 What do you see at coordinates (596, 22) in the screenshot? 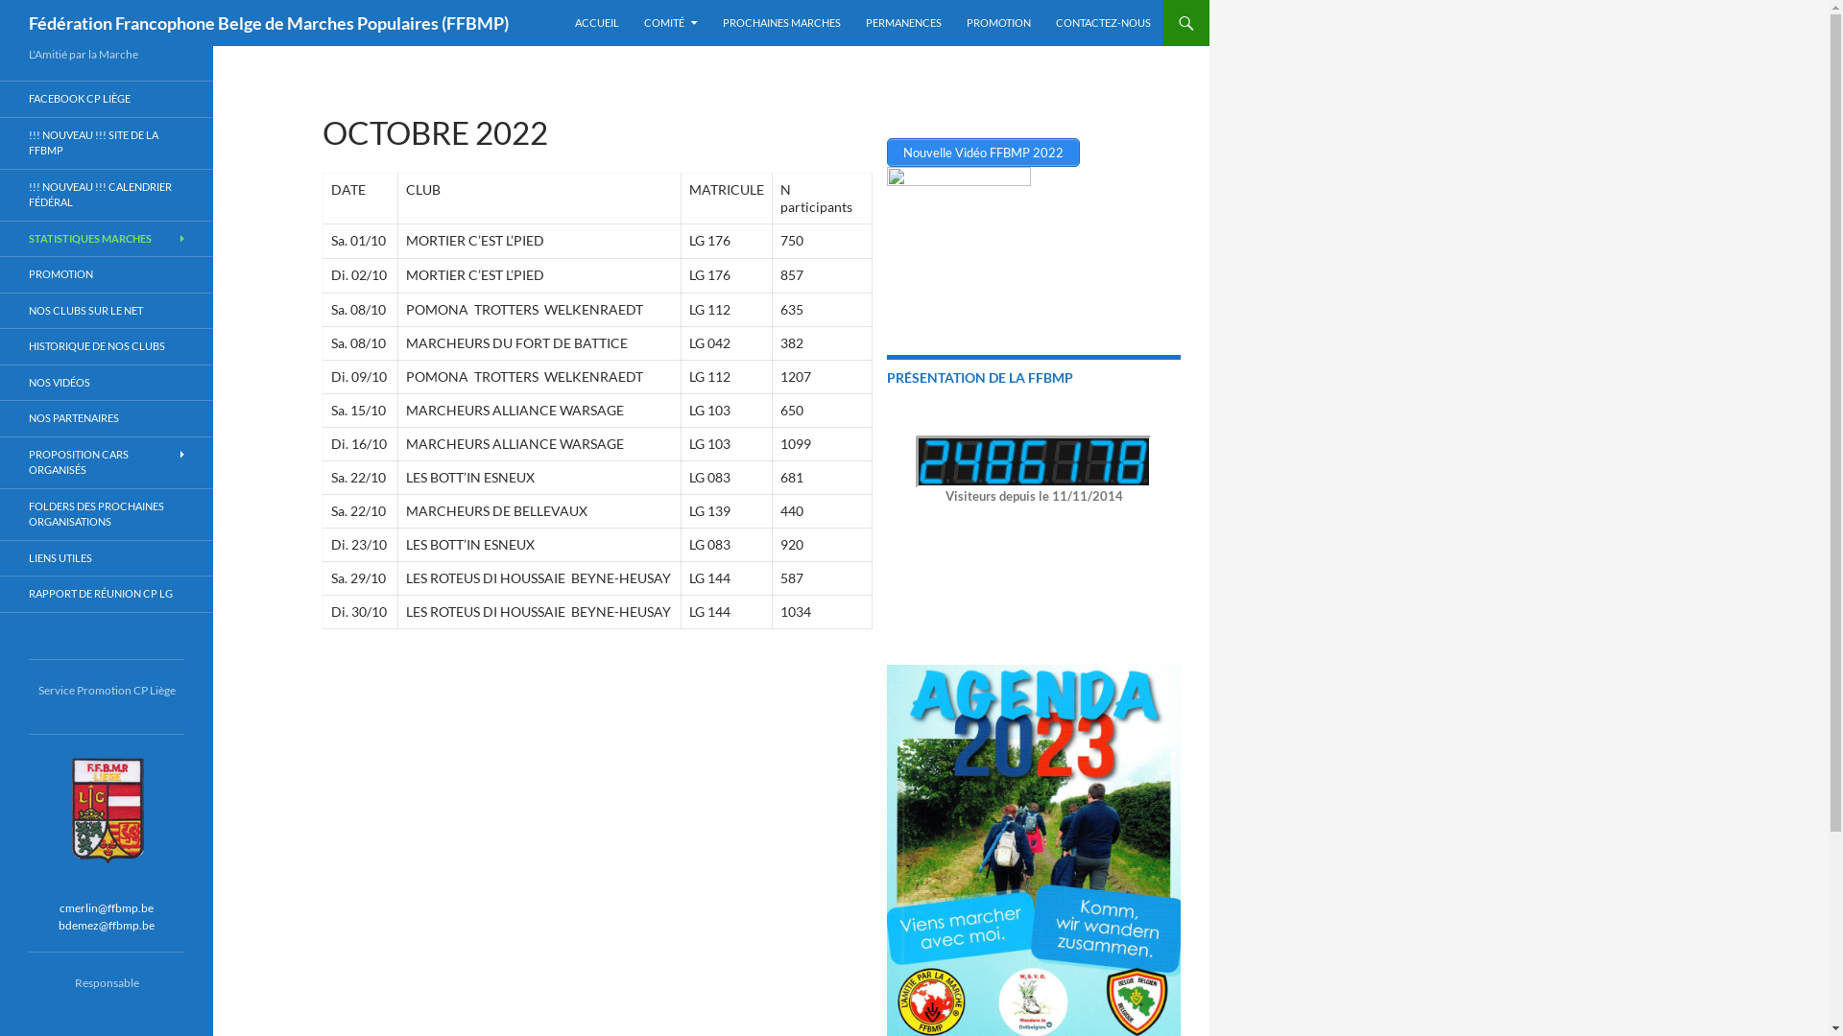
I see `'ACCUEIL'` at bounding box center [596, 22].